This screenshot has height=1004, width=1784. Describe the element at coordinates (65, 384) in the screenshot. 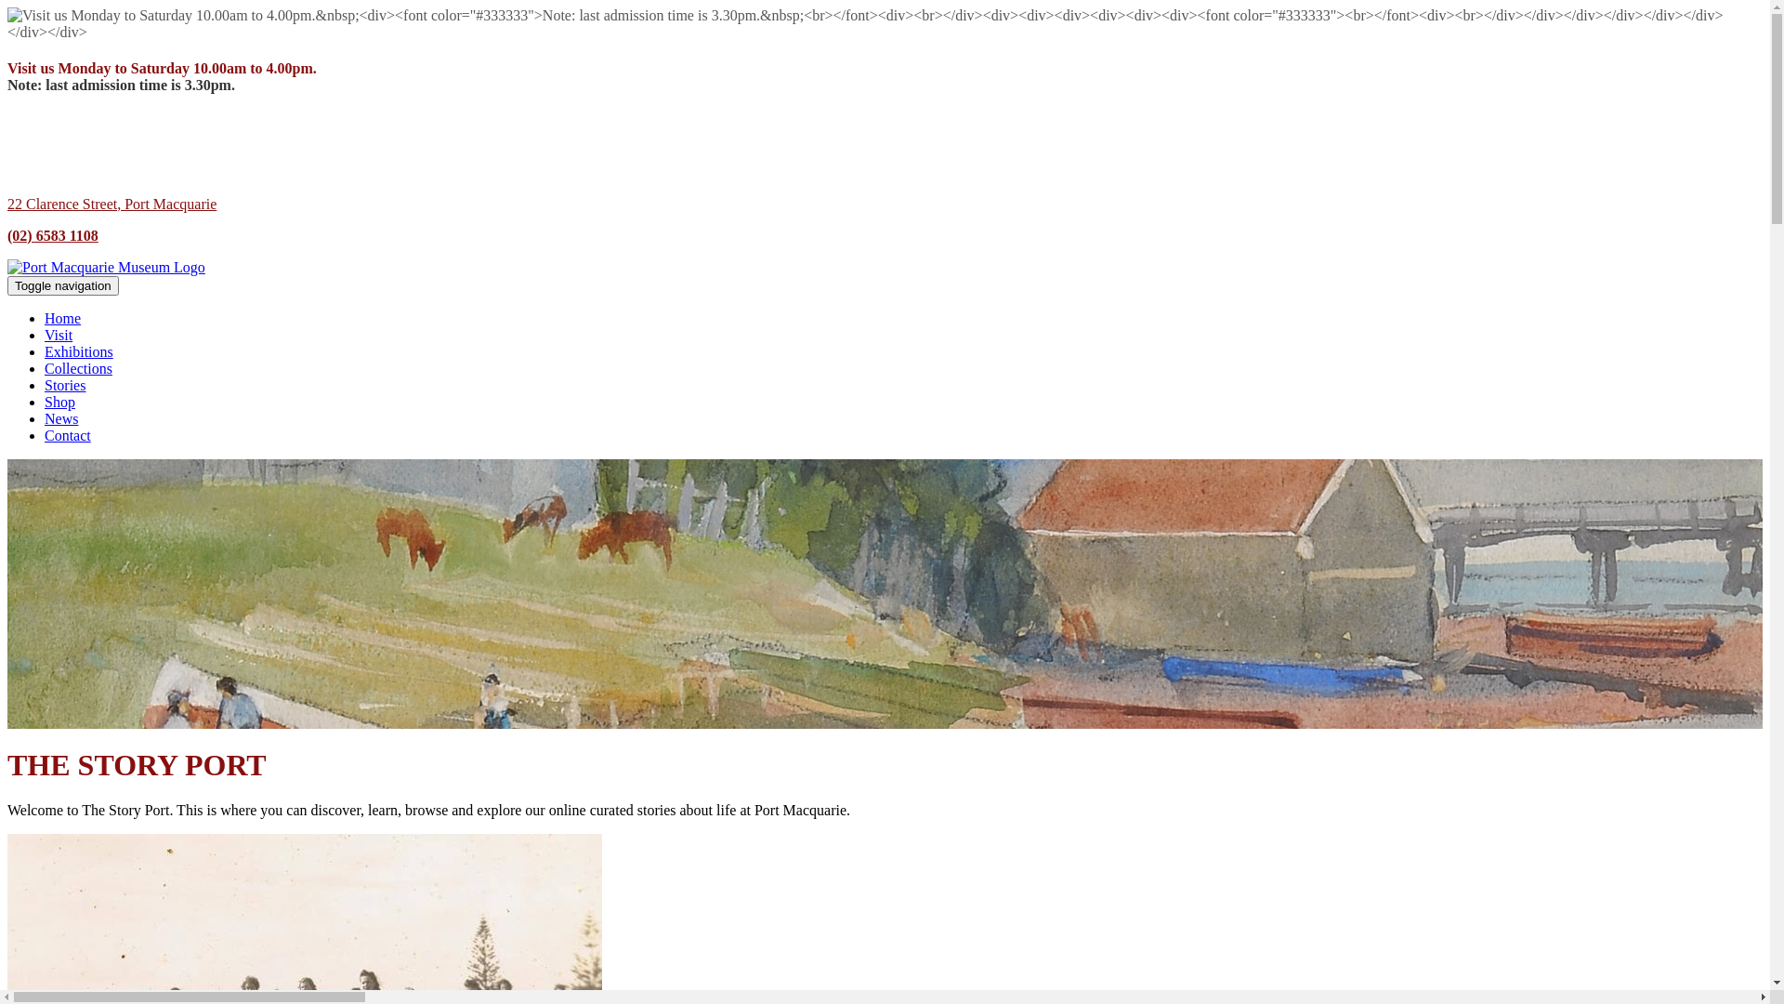

I see `'Stories'` at that location.